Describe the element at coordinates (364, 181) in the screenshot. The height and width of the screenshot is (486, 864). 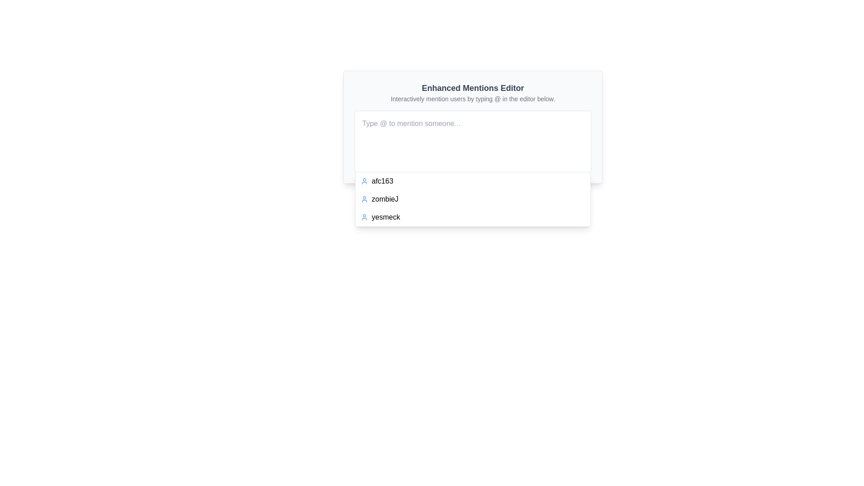
I see `the SVG-based user icon representing the user 'afc163', which is positioned to the left of the text in the dropdown list` at that location.